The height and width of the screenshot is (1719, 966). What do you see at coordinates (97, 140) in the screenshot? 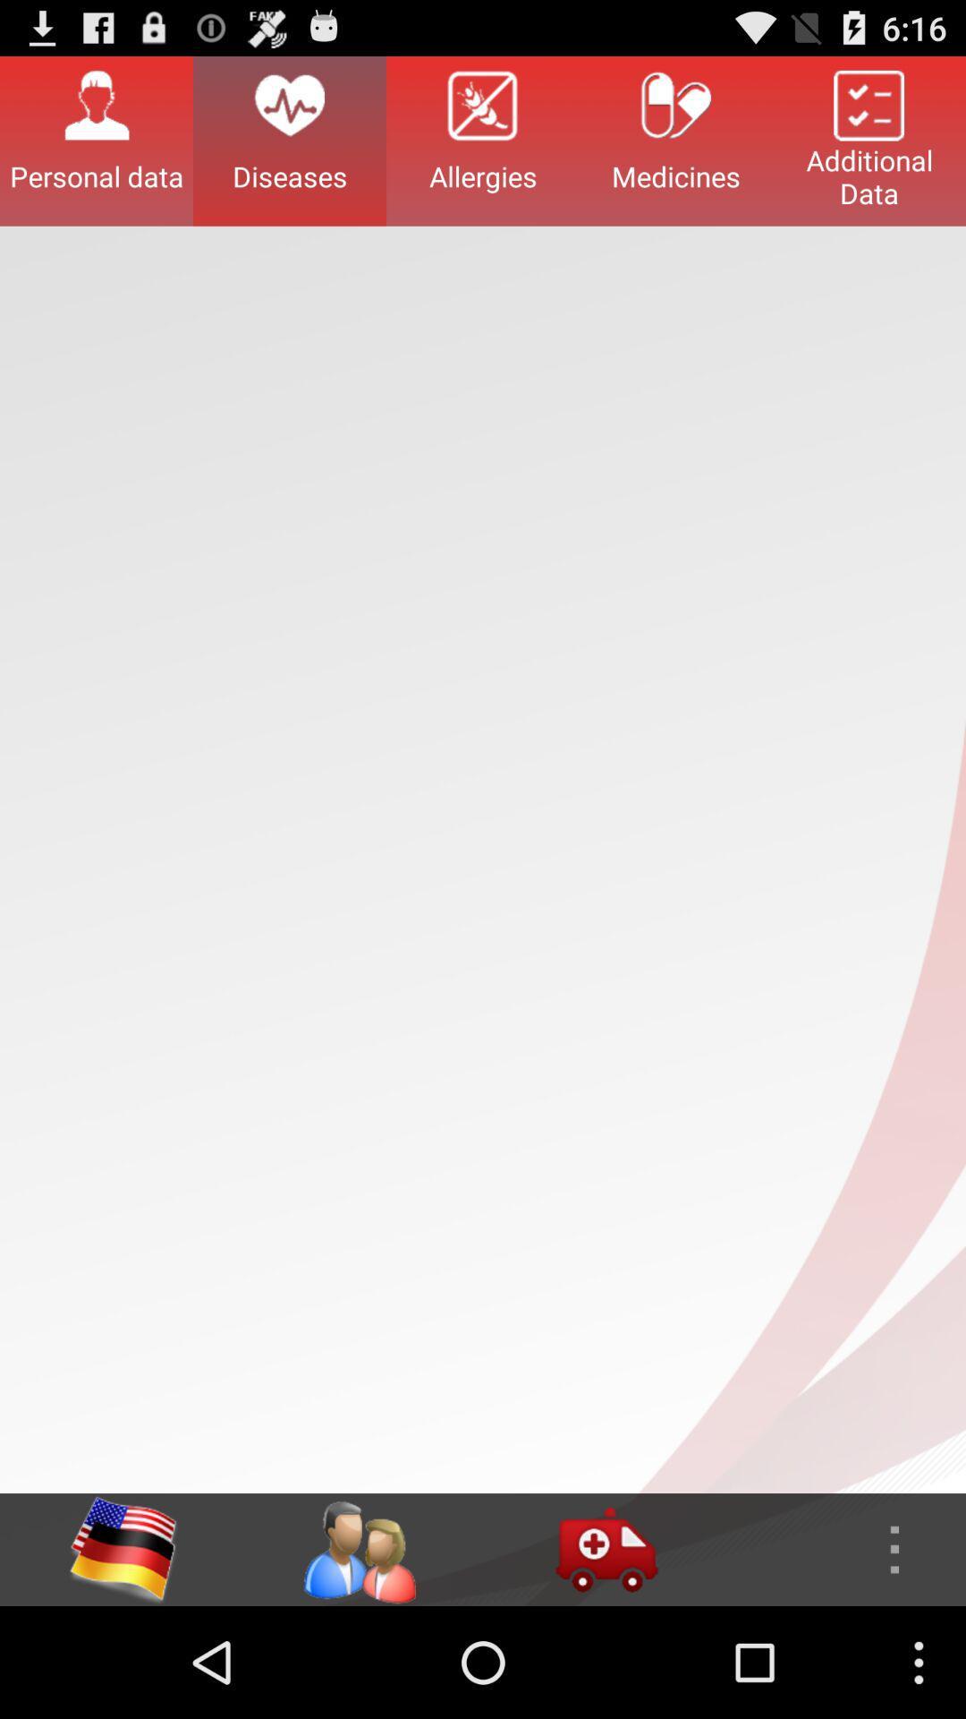
I see `the personal data button` at bounding box center [97, 140].